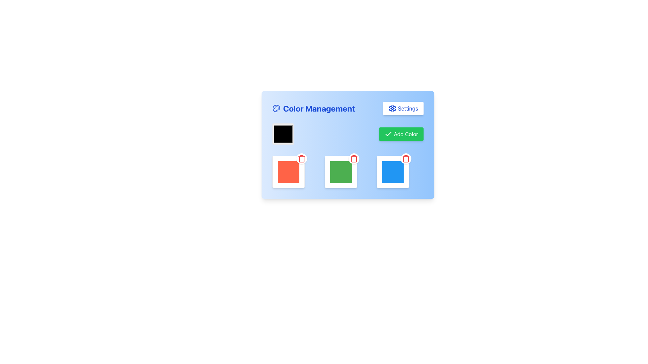 This screenshot has width=648, height=364. I want to click on the bright blue Color Selection Box, which is a medium-sized square (64x64 pixels) located in the bottom-right corner of the color selection panel, so click(393, 171).